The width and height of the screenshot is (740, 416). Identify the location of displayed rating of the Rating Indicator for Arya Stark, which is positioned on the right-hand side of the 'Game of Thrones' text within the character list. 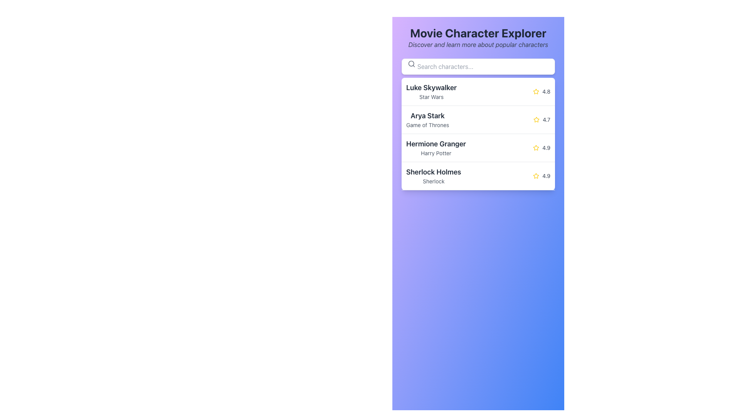
(542, 120).